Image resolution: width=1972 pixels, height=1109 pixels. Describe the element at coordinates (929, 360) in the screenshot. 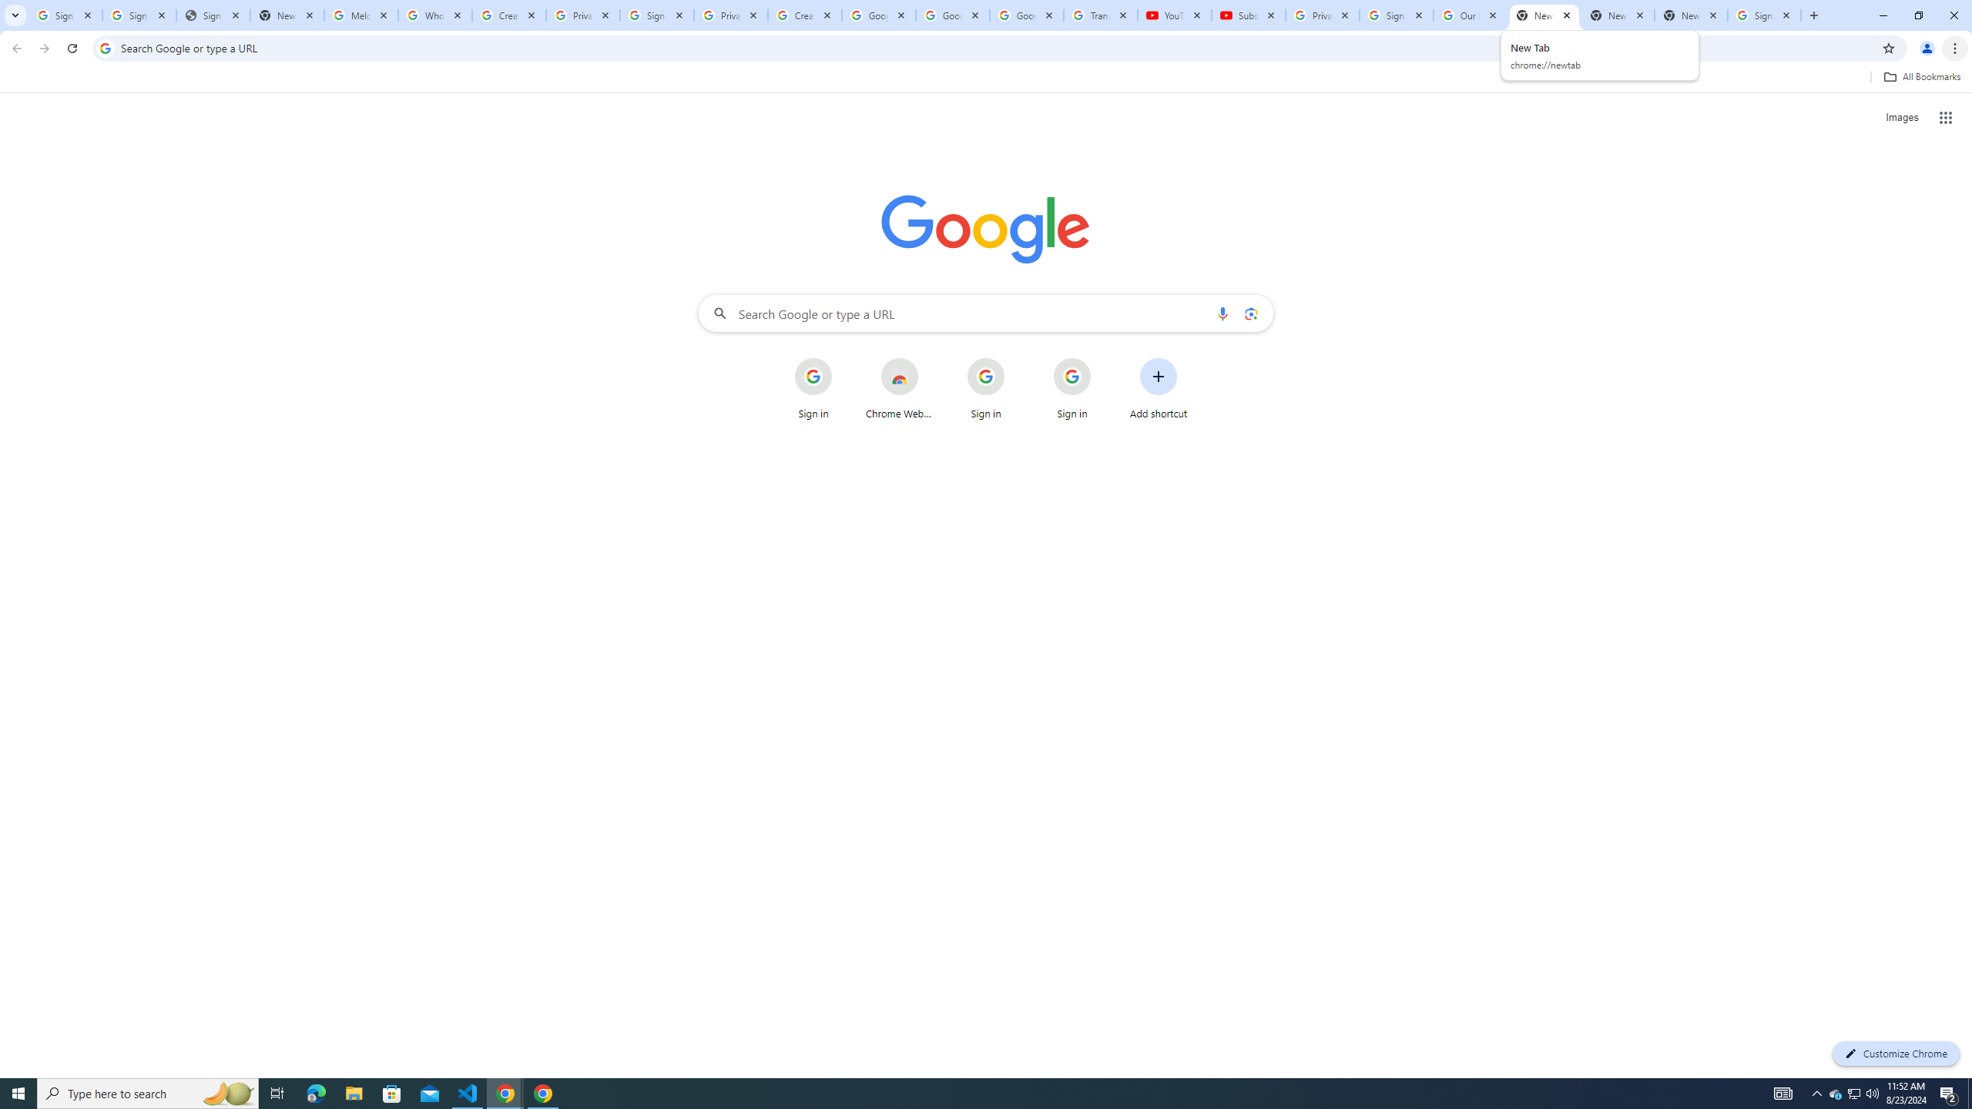

I see `'More actions for Chrome Web Store shortcut'` at that location.